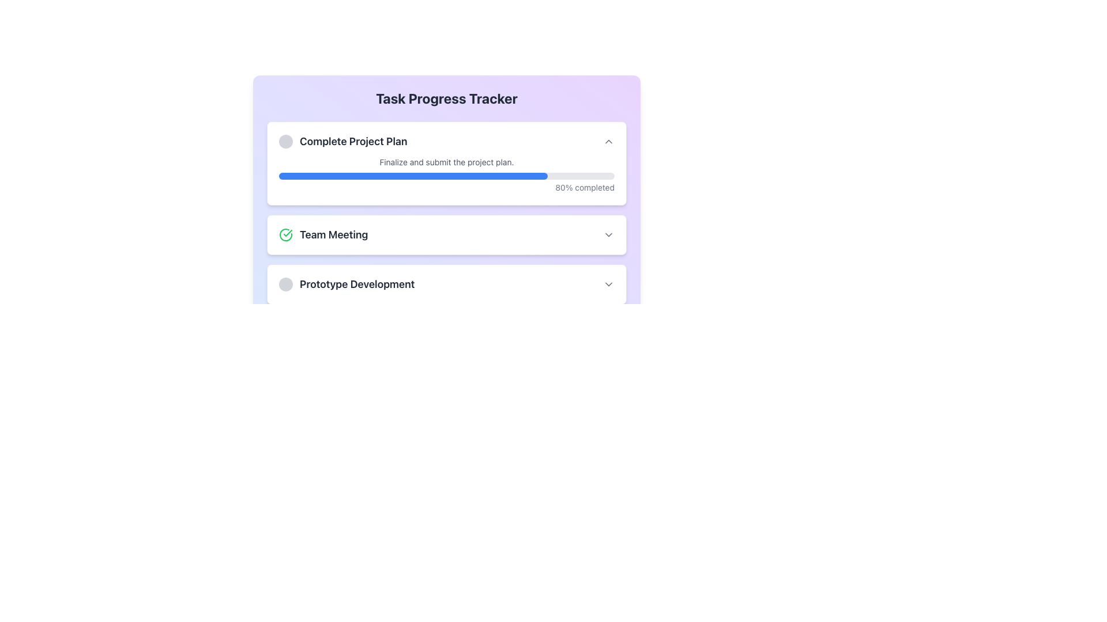 This screenshot has height=622, width=1107. What do you see at coordinates (446, 176) in the screenshot?
I see `the horizontal progress bar with a blue fill indicating progress, located under the text 'Finalize and submit the project plan.' and above the '80% completed' text` at bounding box center [446, 176].